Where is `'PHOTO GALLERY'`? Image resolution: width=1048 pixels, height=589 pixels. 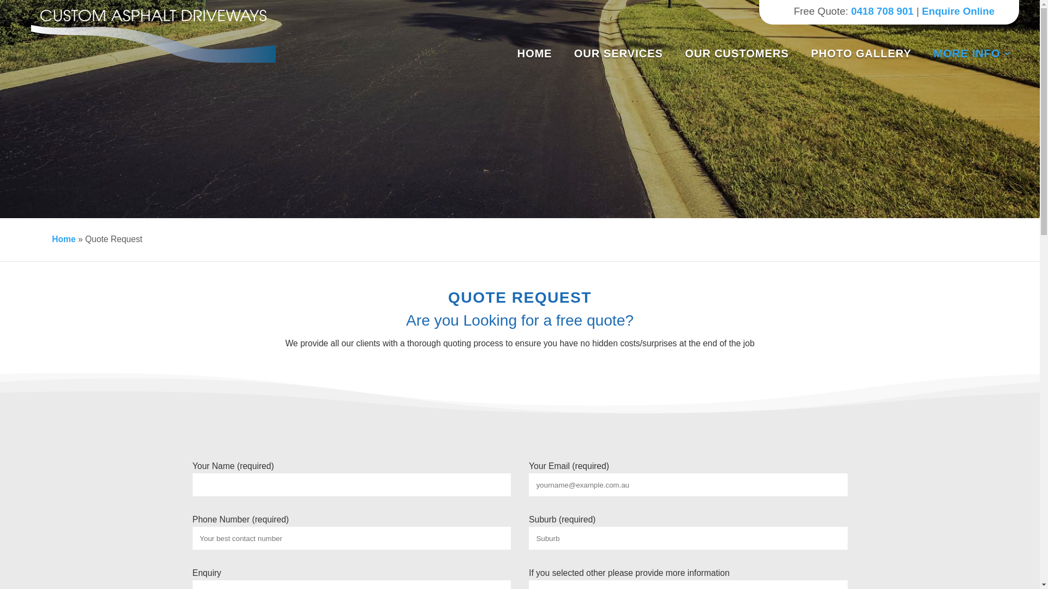
'PHOTO GALLERY' is located at coordinates (865, 53).